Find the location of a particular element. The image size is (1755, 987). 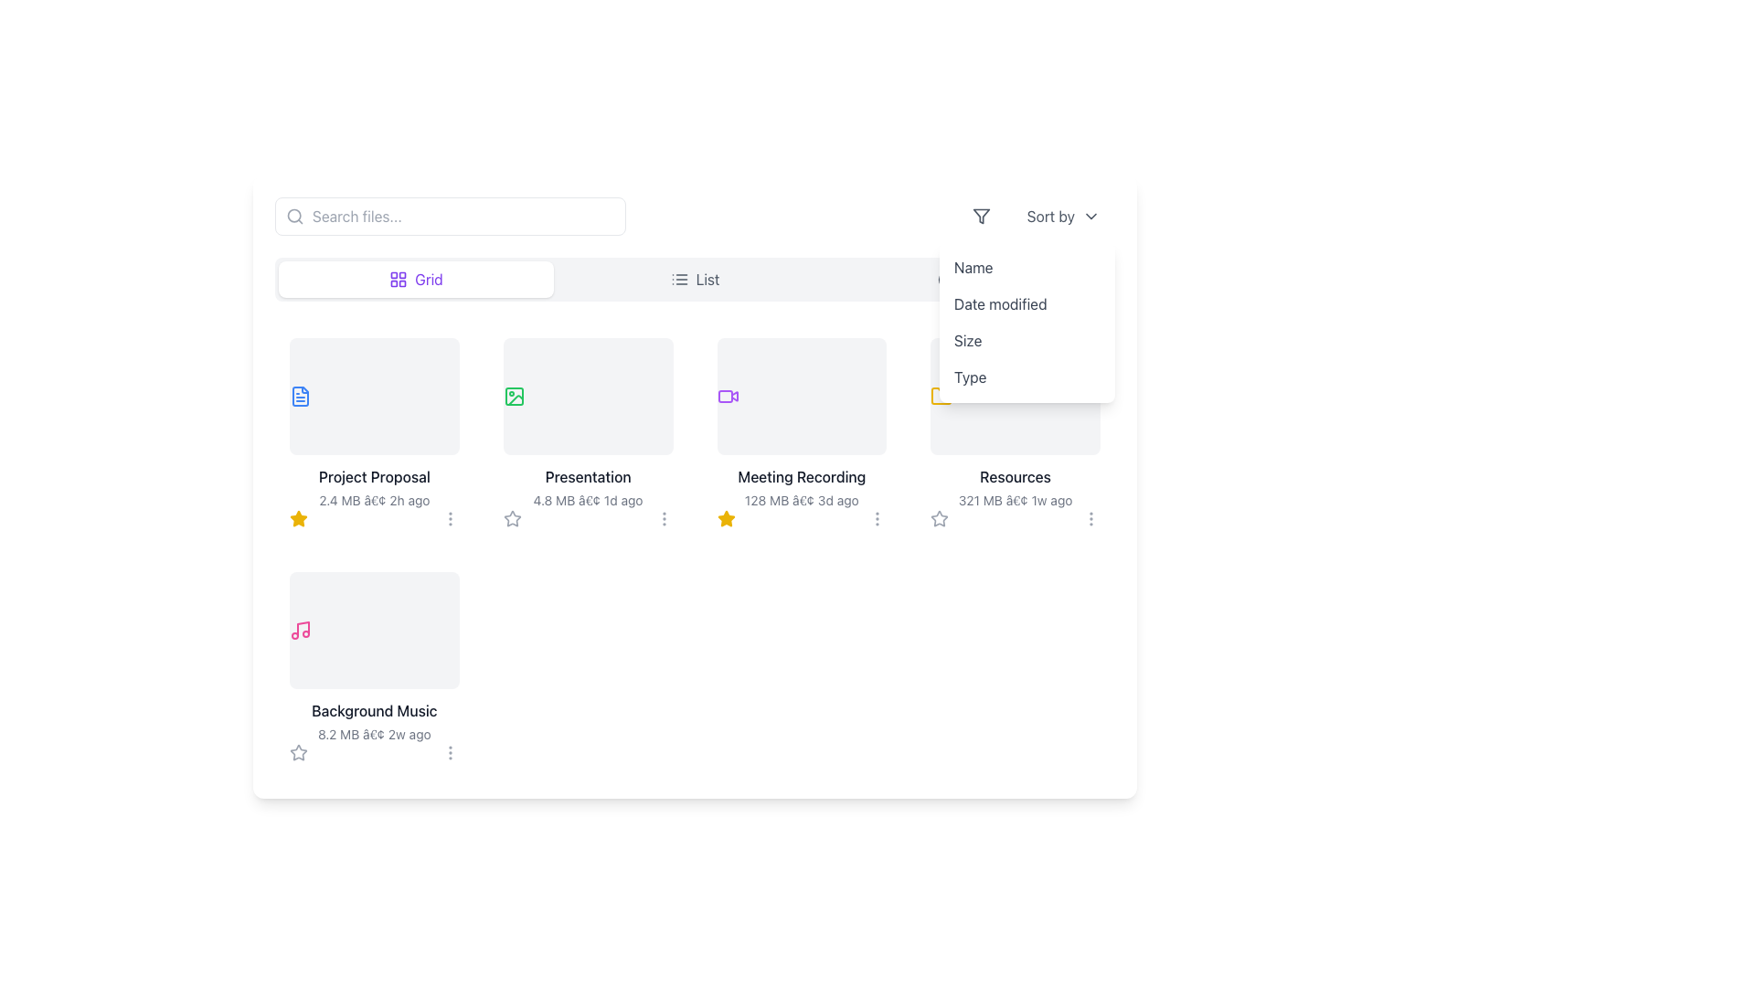

the star-shaped icon representing the rating or favorite marker for the 'Background Music' item is located at coordinates (298, 752).